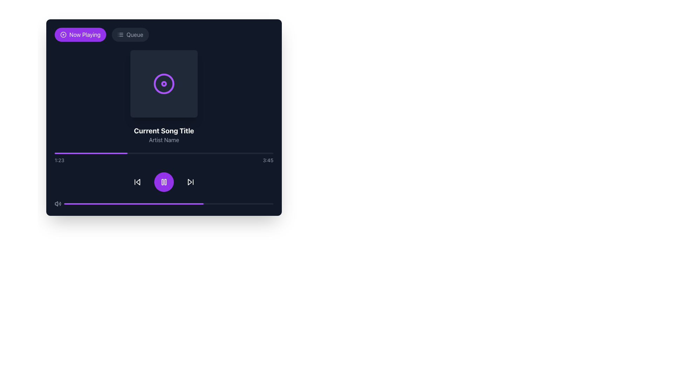  What do you see at coordinates (137, 182) in the screenshot?
I see `the backward skip button to skip to the previous track, located within the player controls section, to the left of the circular play button` at bounding box center [137, 182].